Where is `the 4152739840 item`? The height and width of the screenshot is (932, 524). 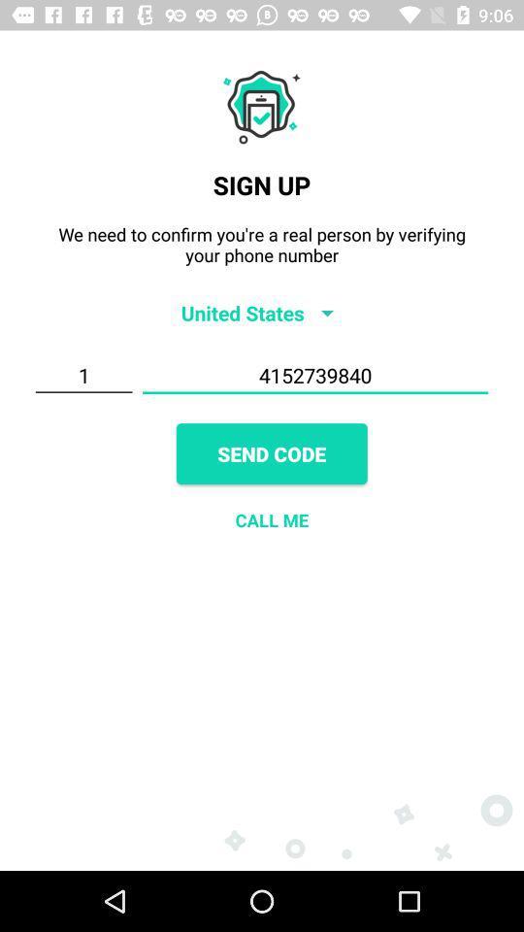
the 4152739840 item is located at coordinates (315, 375).